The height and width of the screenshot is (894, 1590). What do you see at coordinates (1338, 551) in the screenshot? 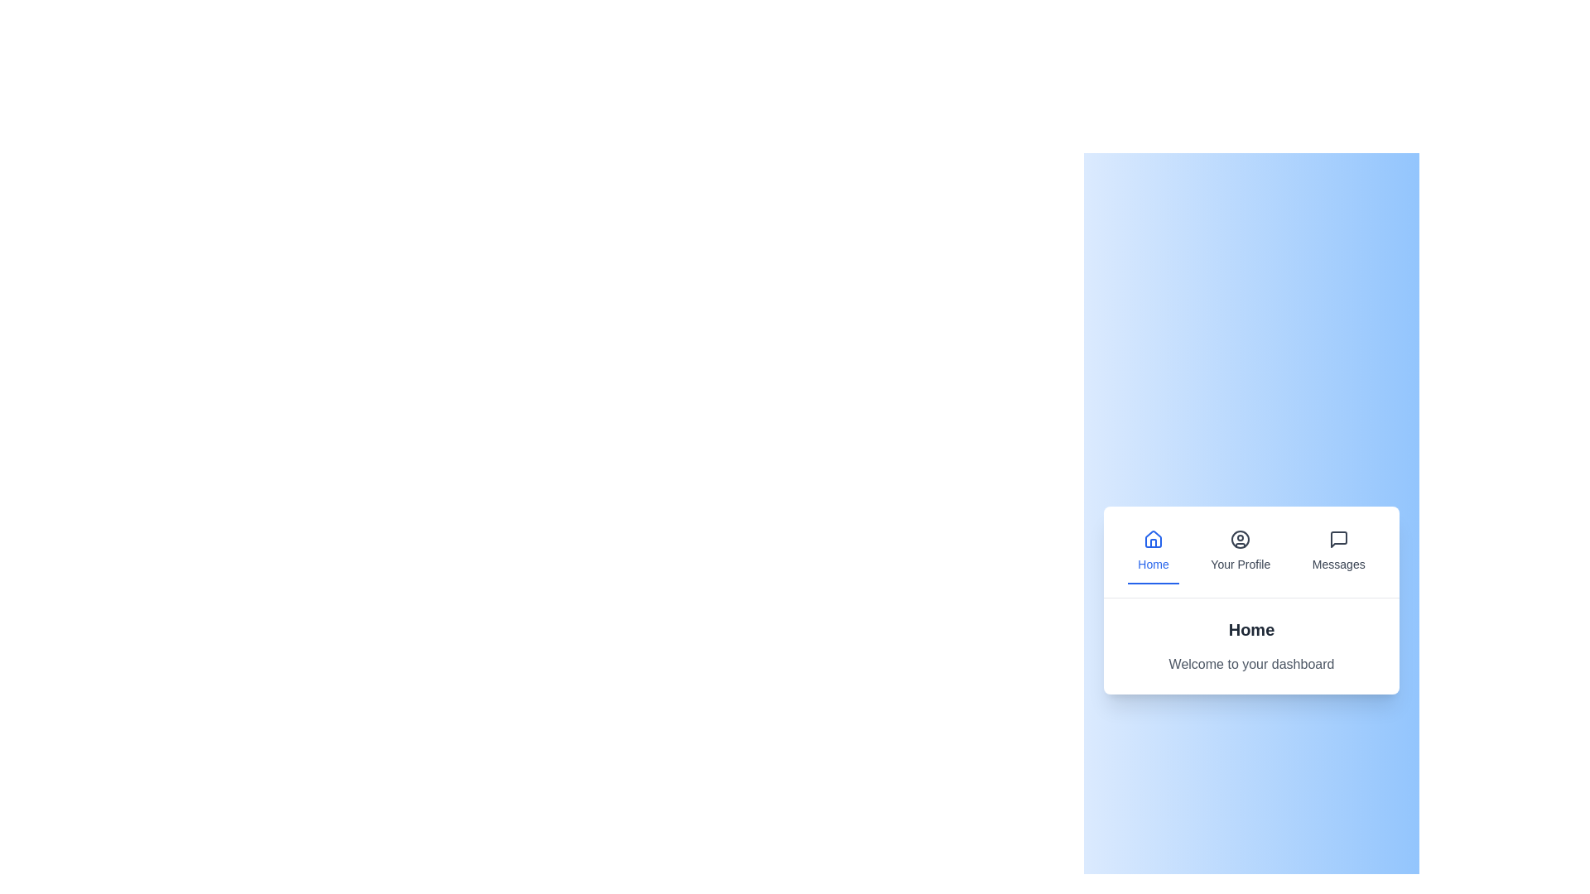
I see `the tab labeled Messages` at bounding box center [1338, 551].